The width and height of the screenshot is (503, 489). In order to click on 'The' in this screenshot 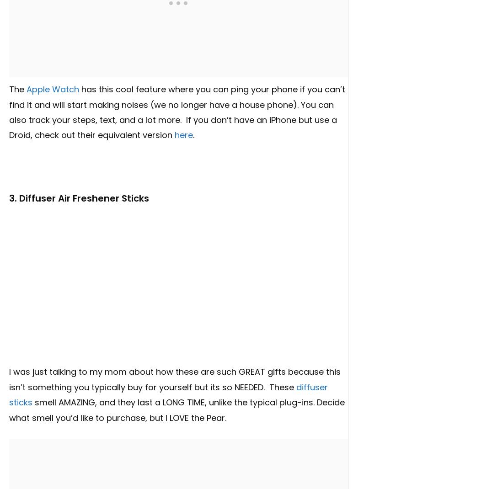, I will do `click(17, 89)`.